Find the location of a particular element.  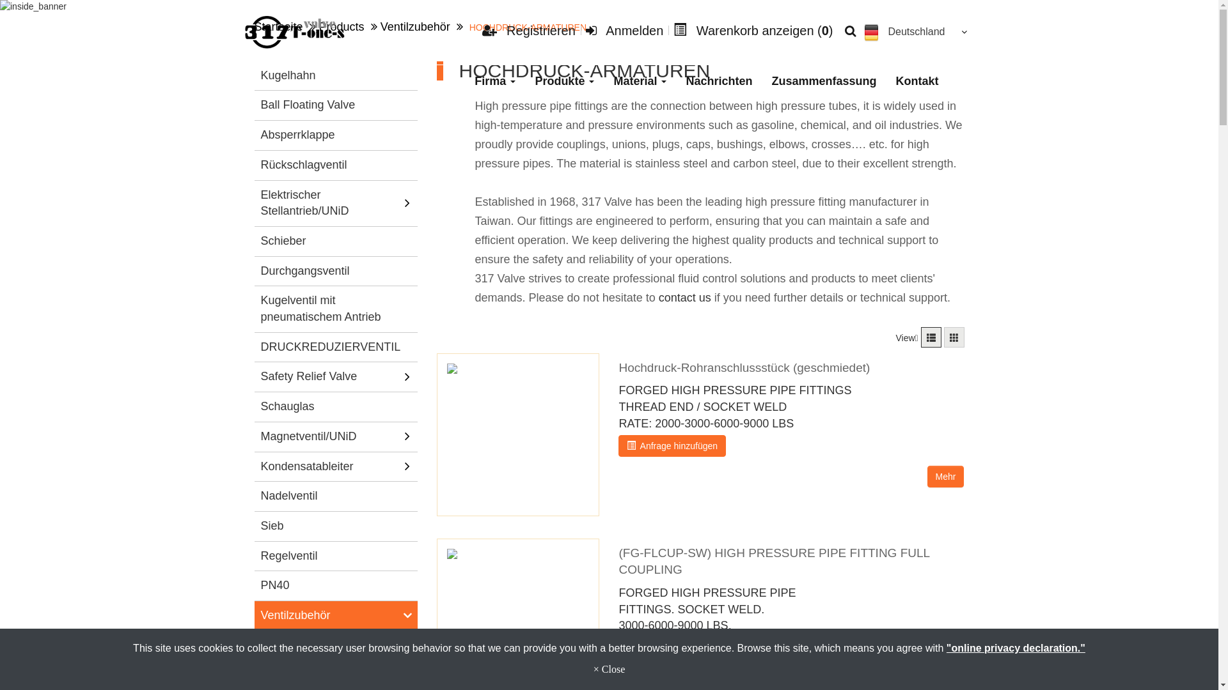

'Zusammenfassung' is located at coordinates (761, 81).